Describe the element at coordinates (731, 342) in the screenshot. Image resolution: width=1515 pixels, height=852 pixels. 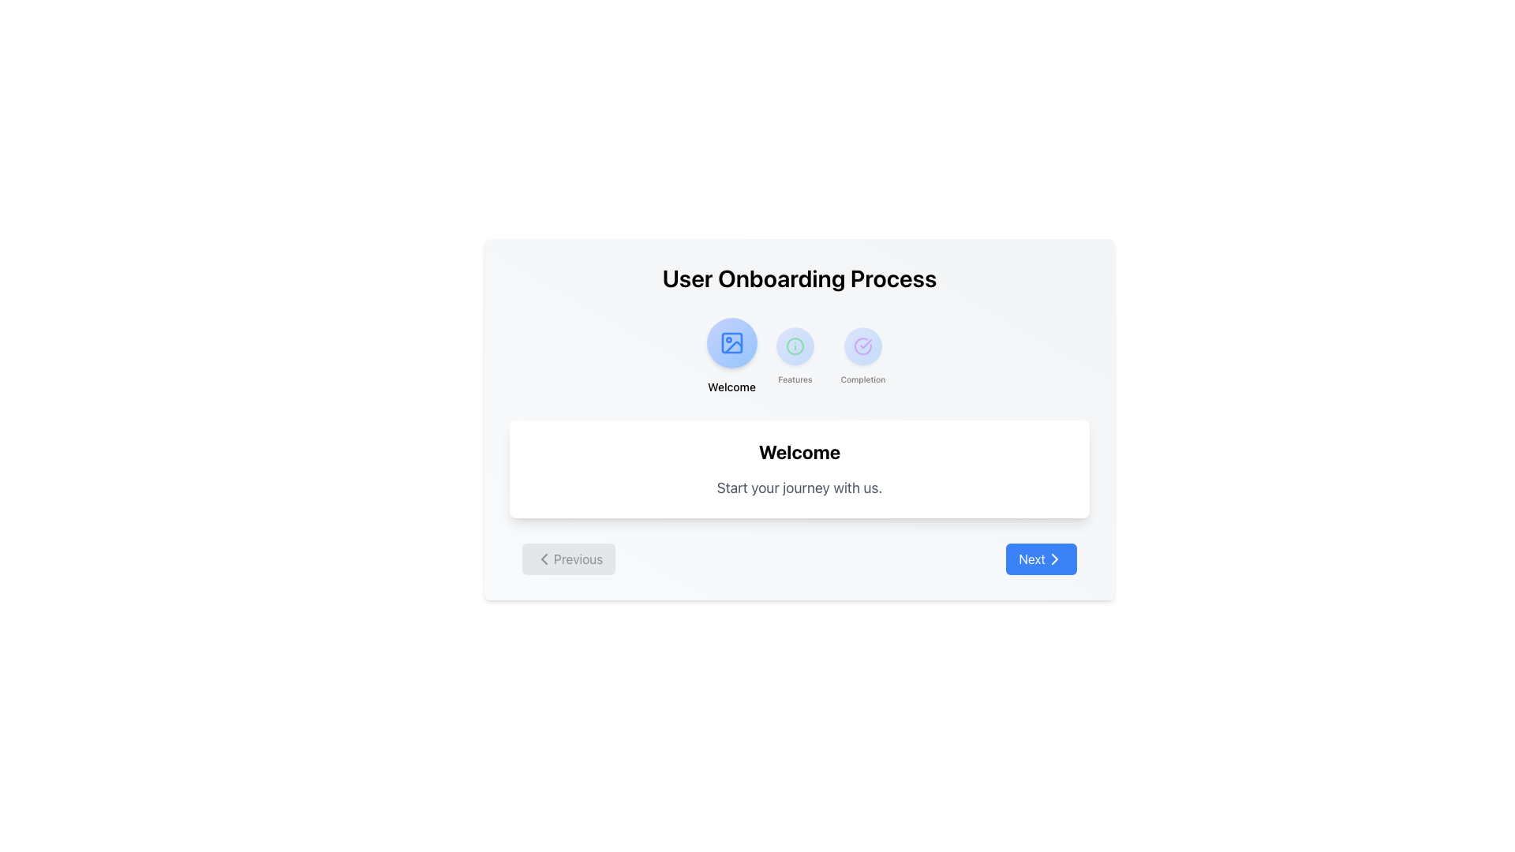
I see `the graphical icon background (rectangular) that serves as the base for the picture frame icon representing the 'Welcome' section in the onboarding process` at that location.